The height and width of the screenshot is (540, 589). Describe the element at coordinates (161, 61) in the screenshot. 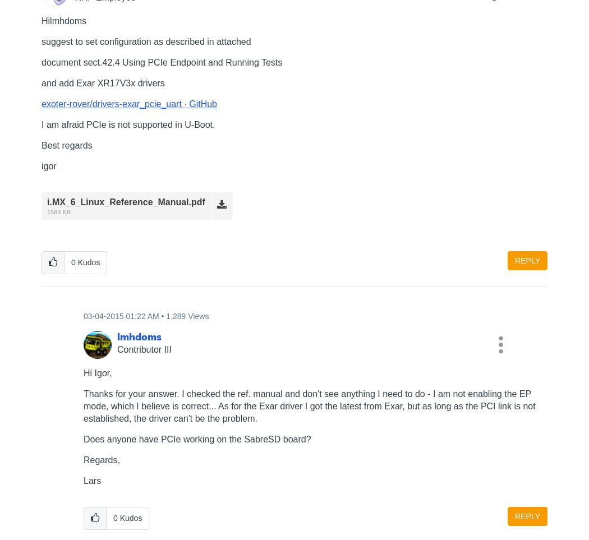

I see `'document sect.42.4 Using PCIe Endpoint and Running Tests'` at that location.